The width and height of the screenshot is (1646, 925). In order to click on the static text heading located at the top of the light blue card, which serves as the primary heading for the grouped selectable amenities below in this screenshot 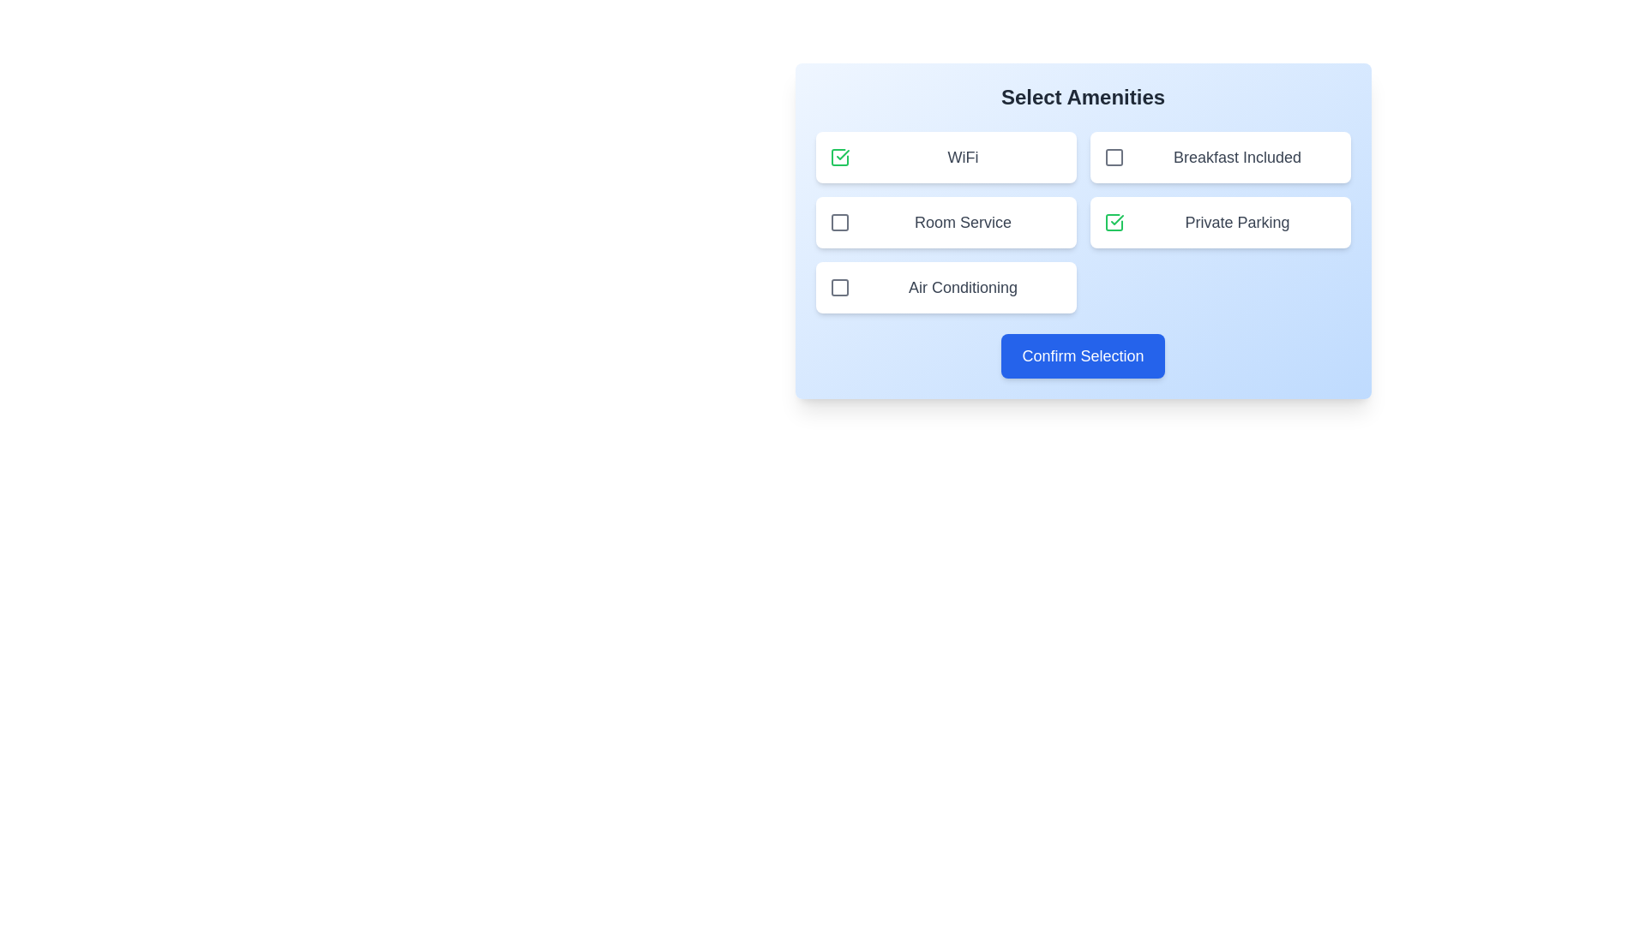, I will do `click(1082, 98)`.